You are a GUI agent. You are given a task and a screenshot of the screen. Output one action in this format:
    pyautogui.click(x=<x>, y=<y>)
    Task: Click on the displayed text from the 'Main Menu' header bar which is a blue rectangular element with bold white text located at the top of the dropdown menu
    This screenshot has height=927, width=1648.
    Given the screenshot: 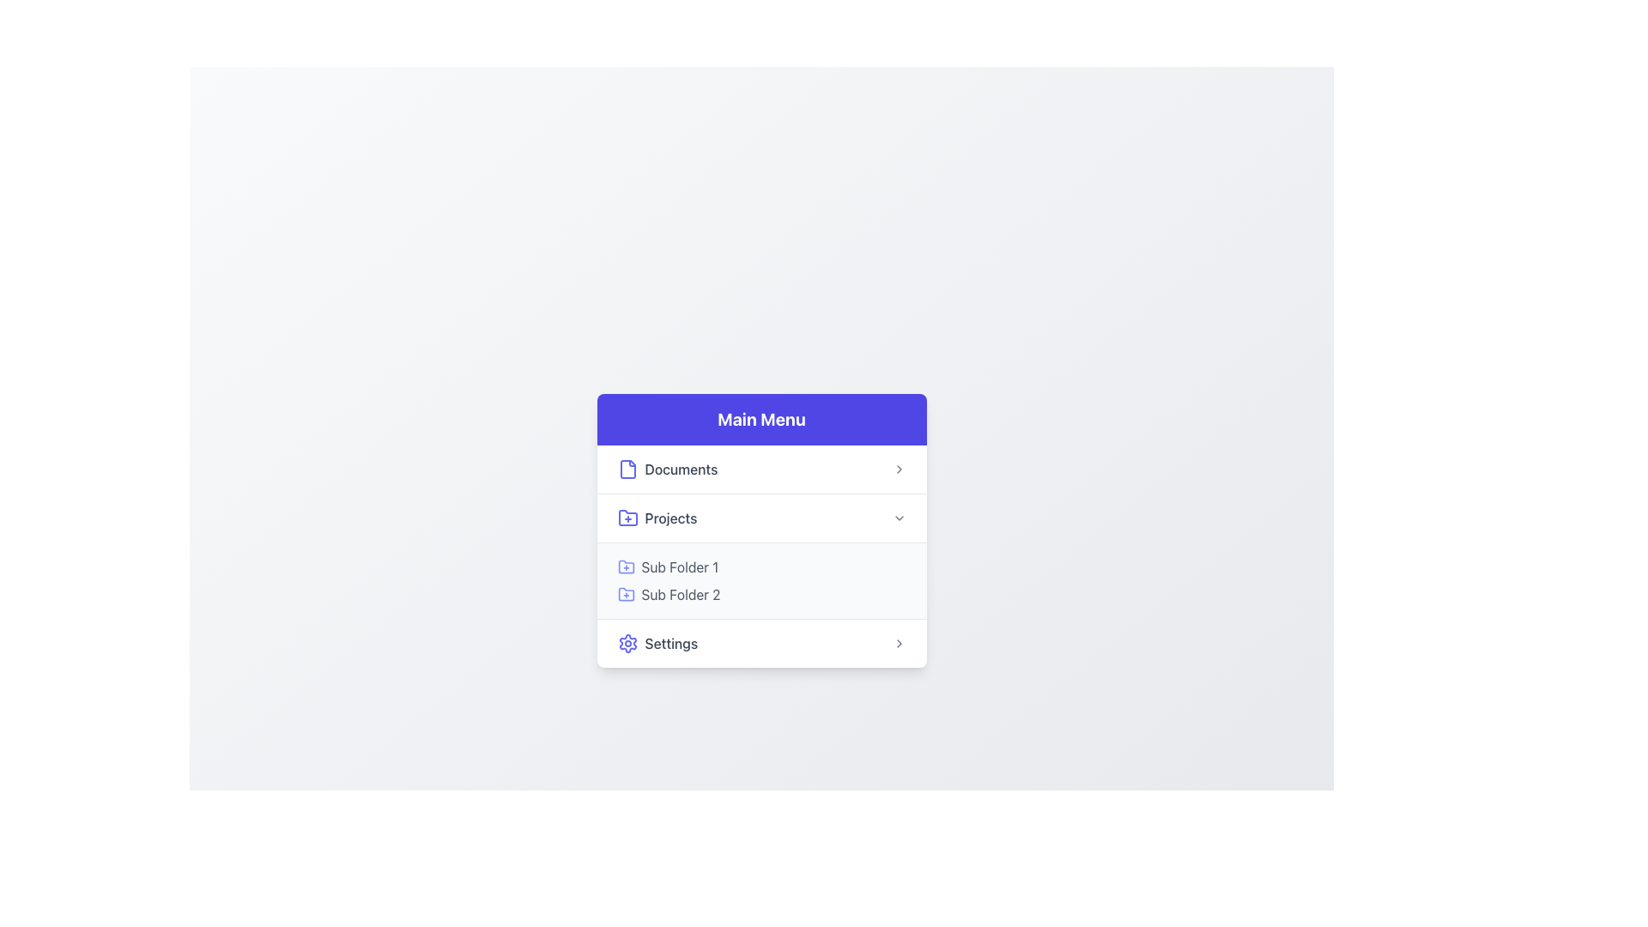 What is the action you would take?
    pyautogui.click(x=760, y=419)
    